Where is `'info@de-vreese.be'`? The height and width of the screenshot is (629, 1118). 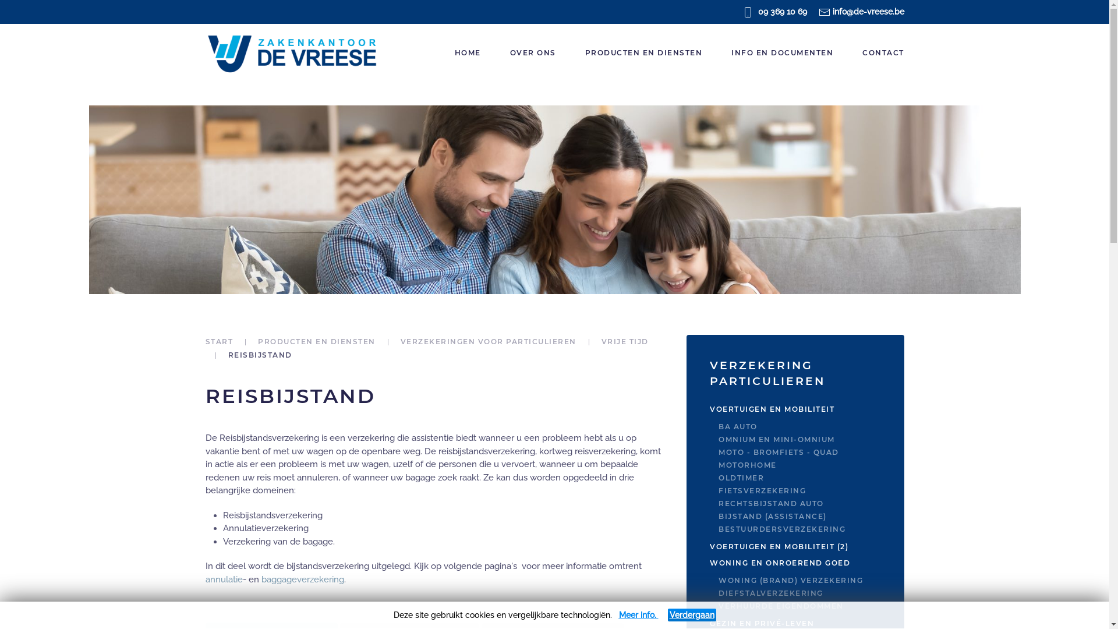
'info@de-vreese.be' is located at coordinates (868, 11).